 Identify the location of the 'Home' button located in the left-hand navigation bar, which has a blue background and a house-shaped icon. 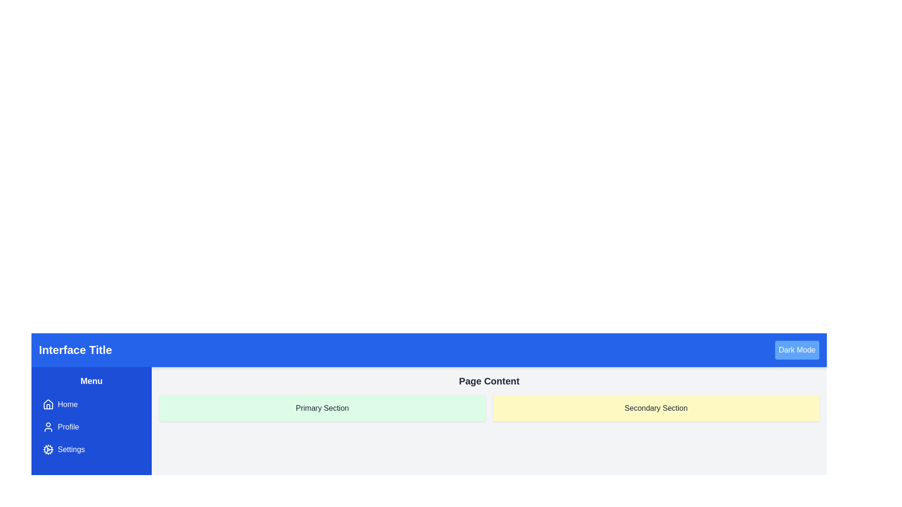
(60, 404).